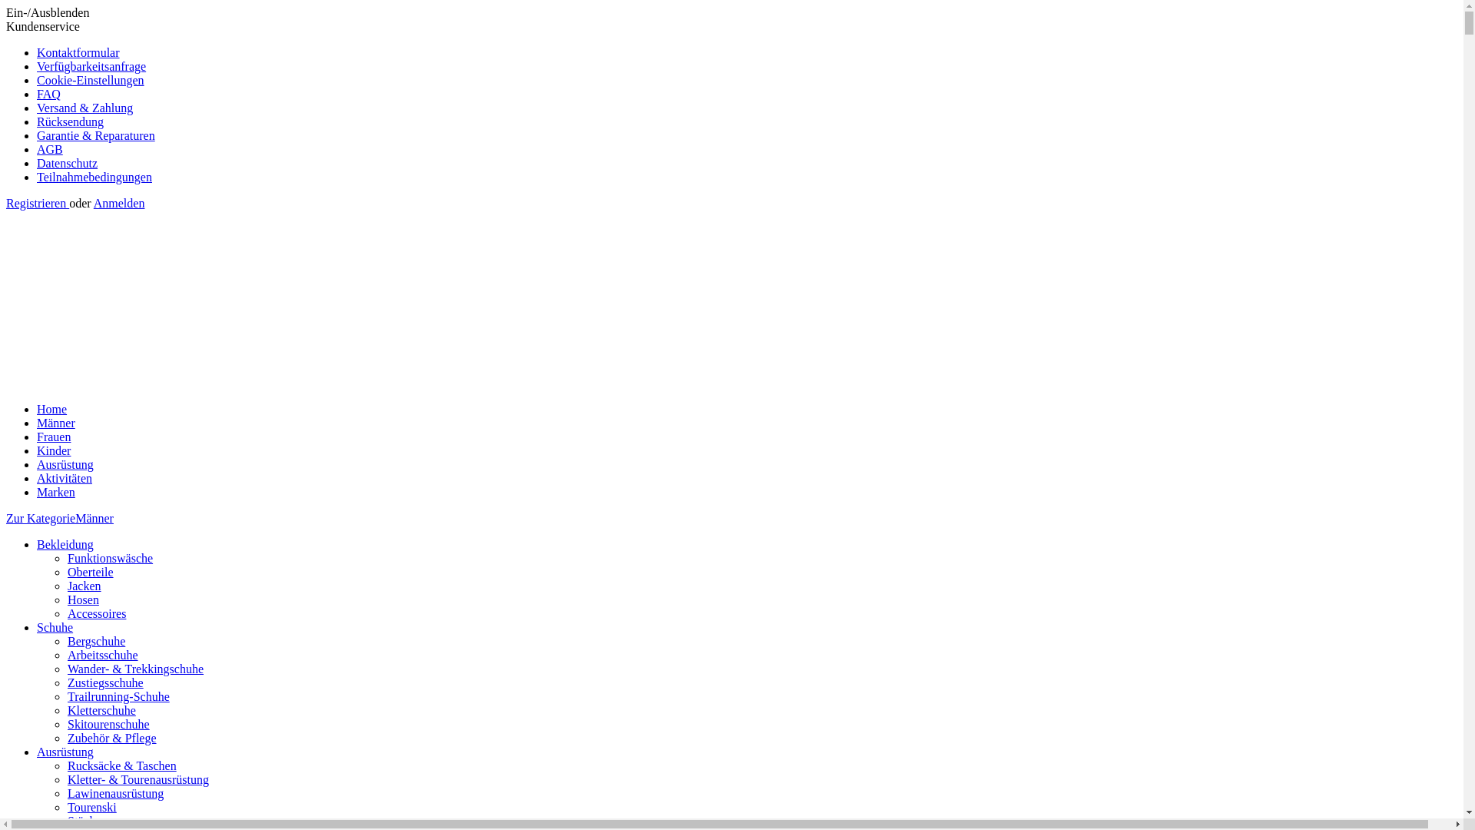  I want to click on 'Hosen', so click(66, 599).